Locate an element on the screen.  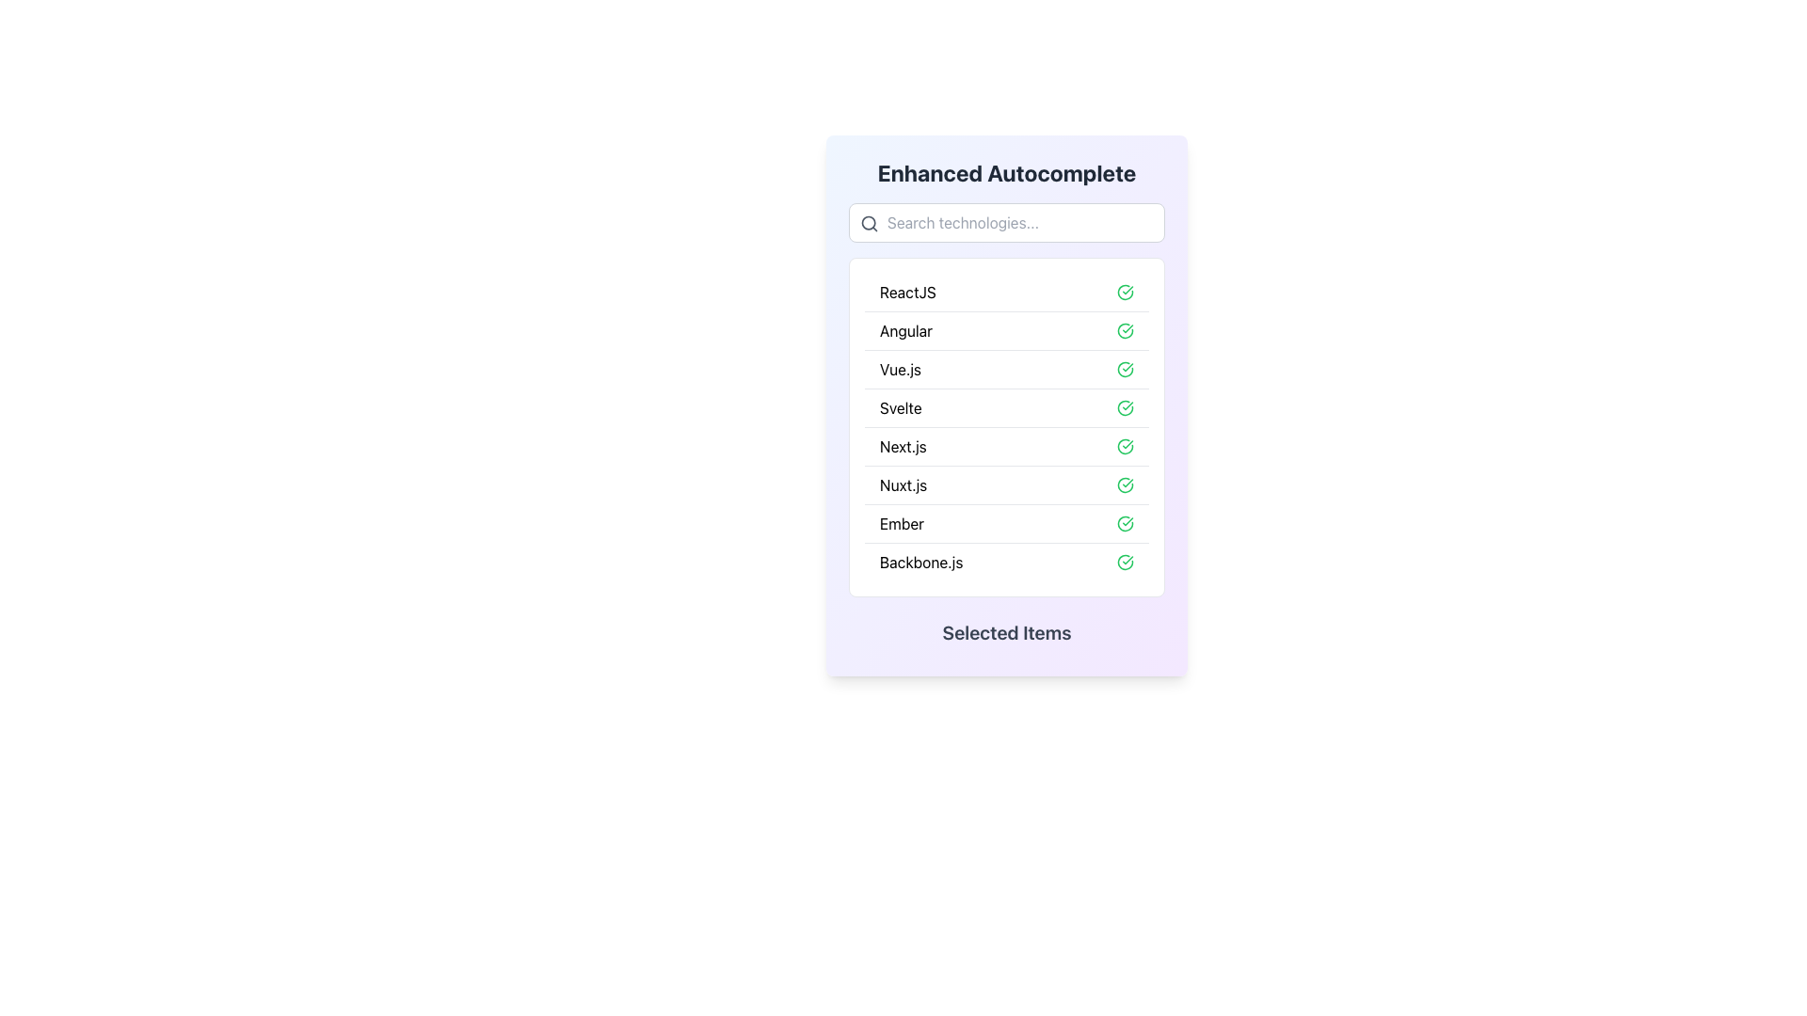
the fifth List Item in the 'Enhanced Autocomplete' card, which represents 'Next.js' is located at coordinates (1006, 446).